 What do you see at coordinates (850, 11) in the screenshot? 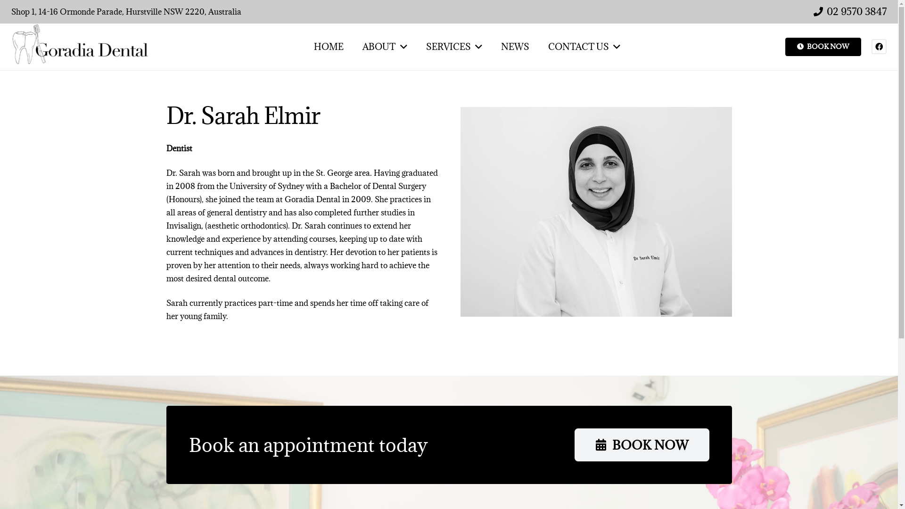
I see `'02 9570 3847'` at bounding box center [850, 11].